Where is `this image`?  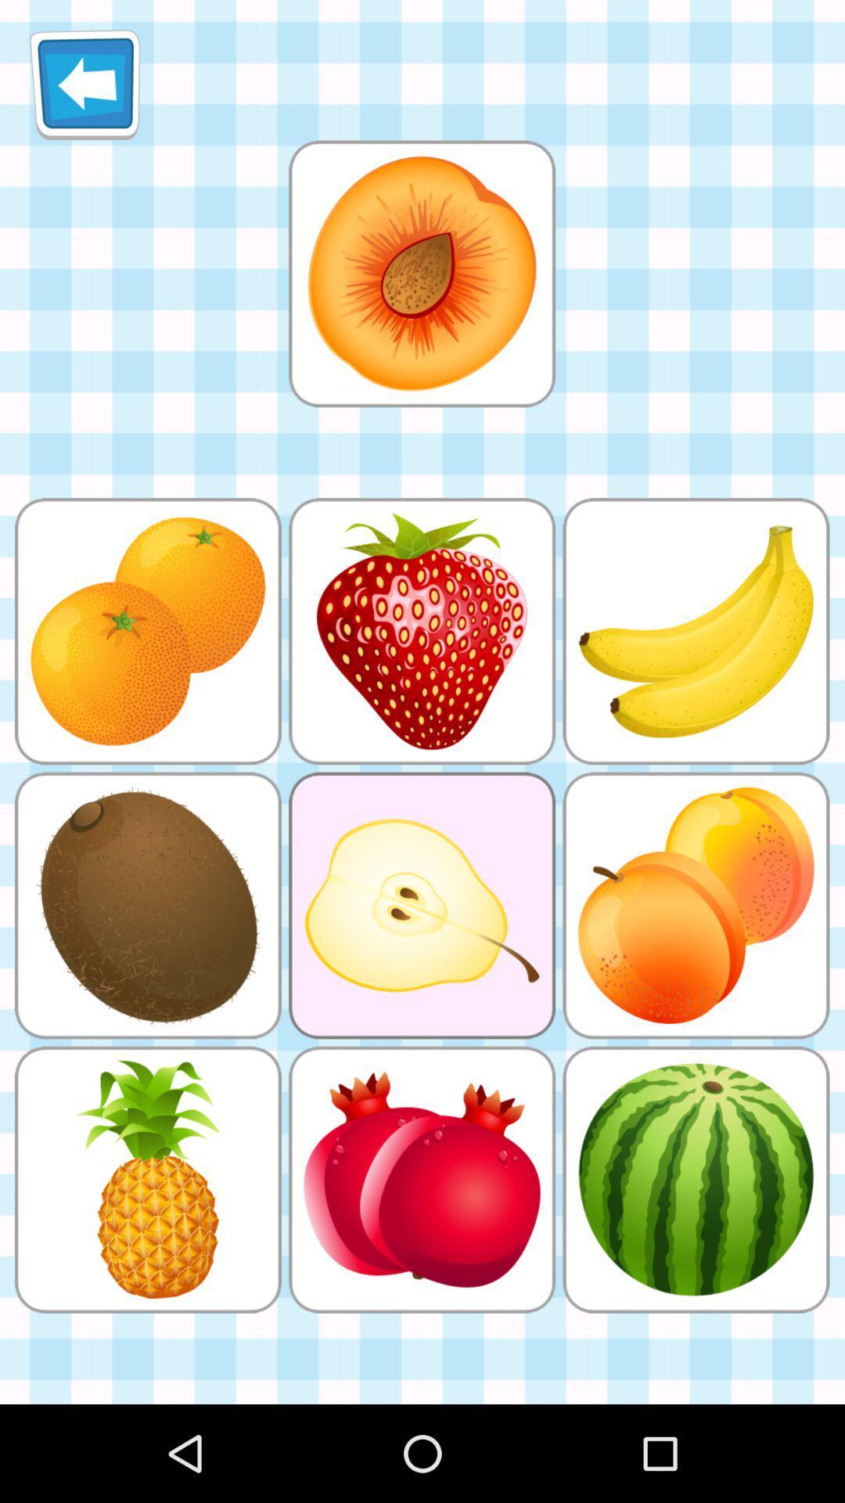
this image is located at coordinates (421, 273).